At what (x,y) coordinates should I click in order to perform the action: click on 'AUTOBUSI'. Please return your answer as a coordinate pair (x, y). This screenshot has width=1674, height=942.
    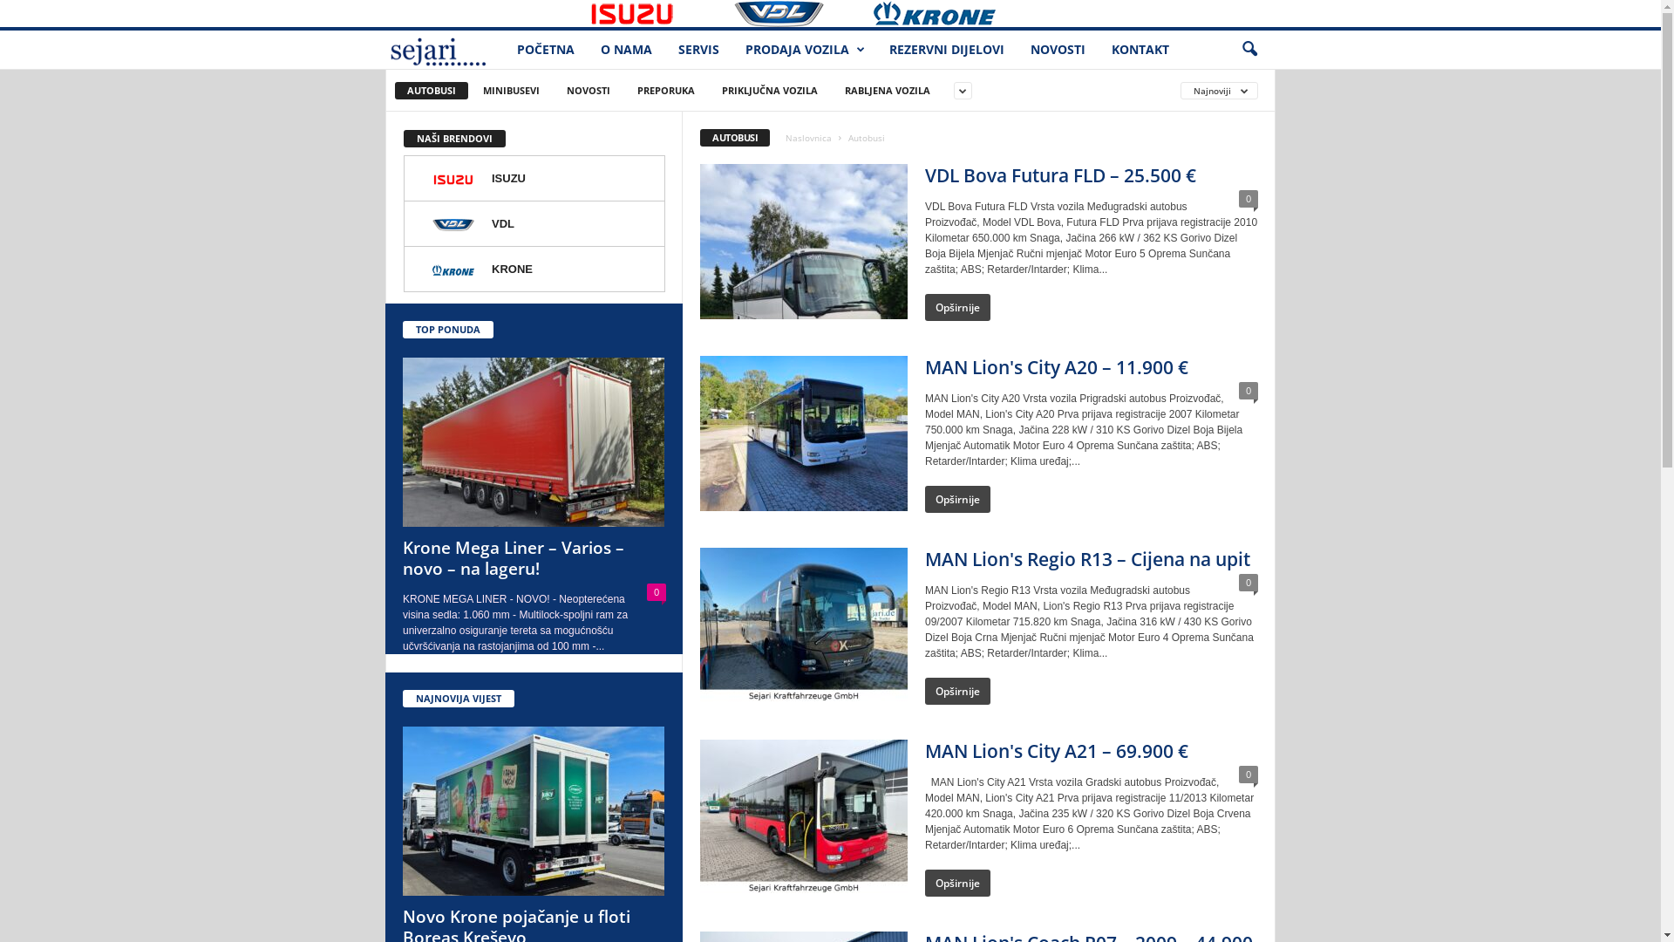
    Looking at the image, I should click on (393, 91).